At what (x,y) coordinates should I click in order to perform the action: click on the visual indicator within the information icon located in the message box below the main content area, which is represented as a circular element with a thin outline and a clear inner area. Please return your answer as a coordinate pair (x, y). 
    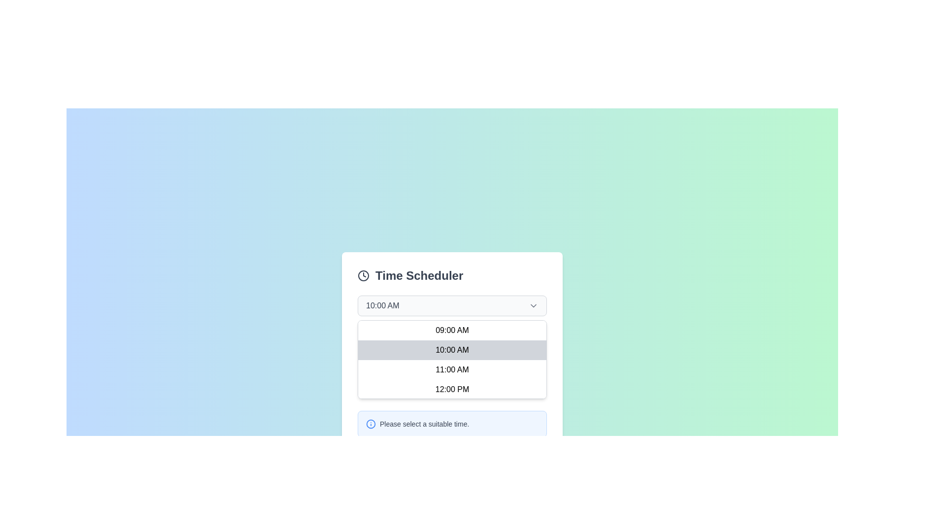
    Looking at the image, I should click on (371, 423).